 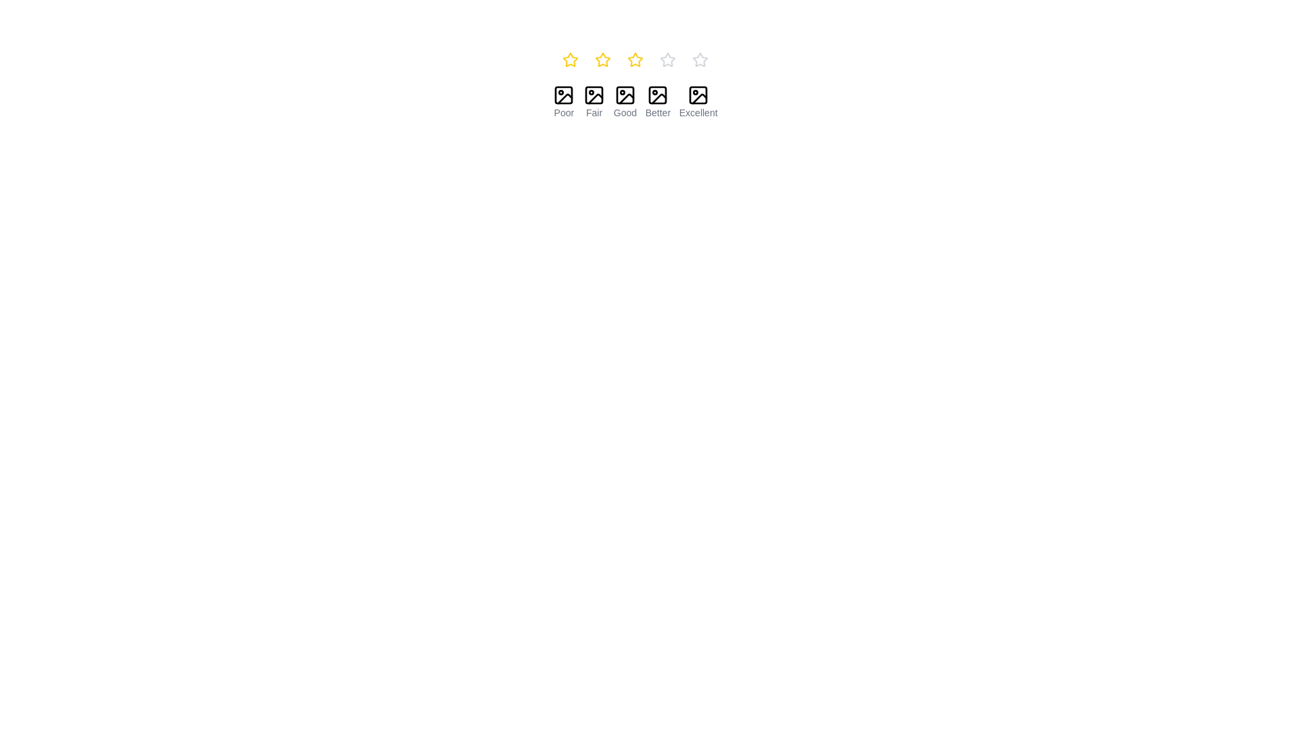 What do you see at coordinates (635, 59) in the screenshot?
I see `the third yellow star icon in the rating bar` at bounding box center [635, 59].